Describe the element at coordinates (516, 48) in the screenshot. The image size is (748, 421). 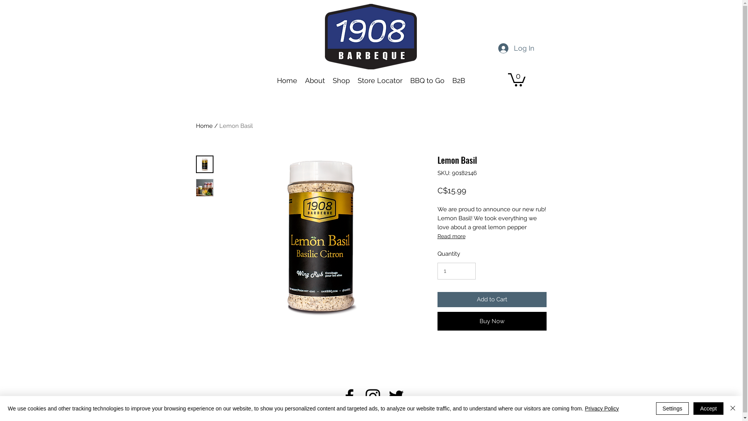
I see `'Log In'` at that location.